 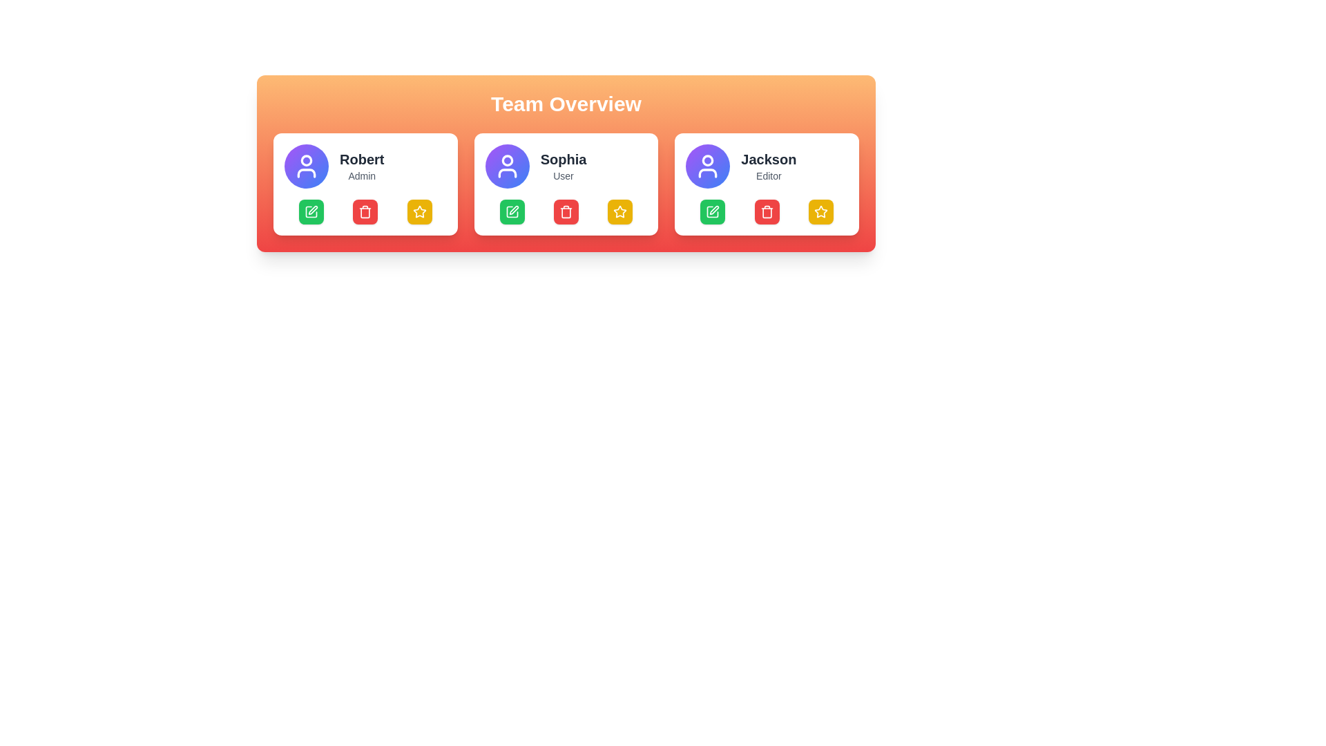 What do you see at coordinates (768, 165) in the screenshot?
I see `the text display that shows 'Jackson' and 'Editor' on the profile card of 'Jackson' in the Team Overview section` at bounding box center [768, 165].